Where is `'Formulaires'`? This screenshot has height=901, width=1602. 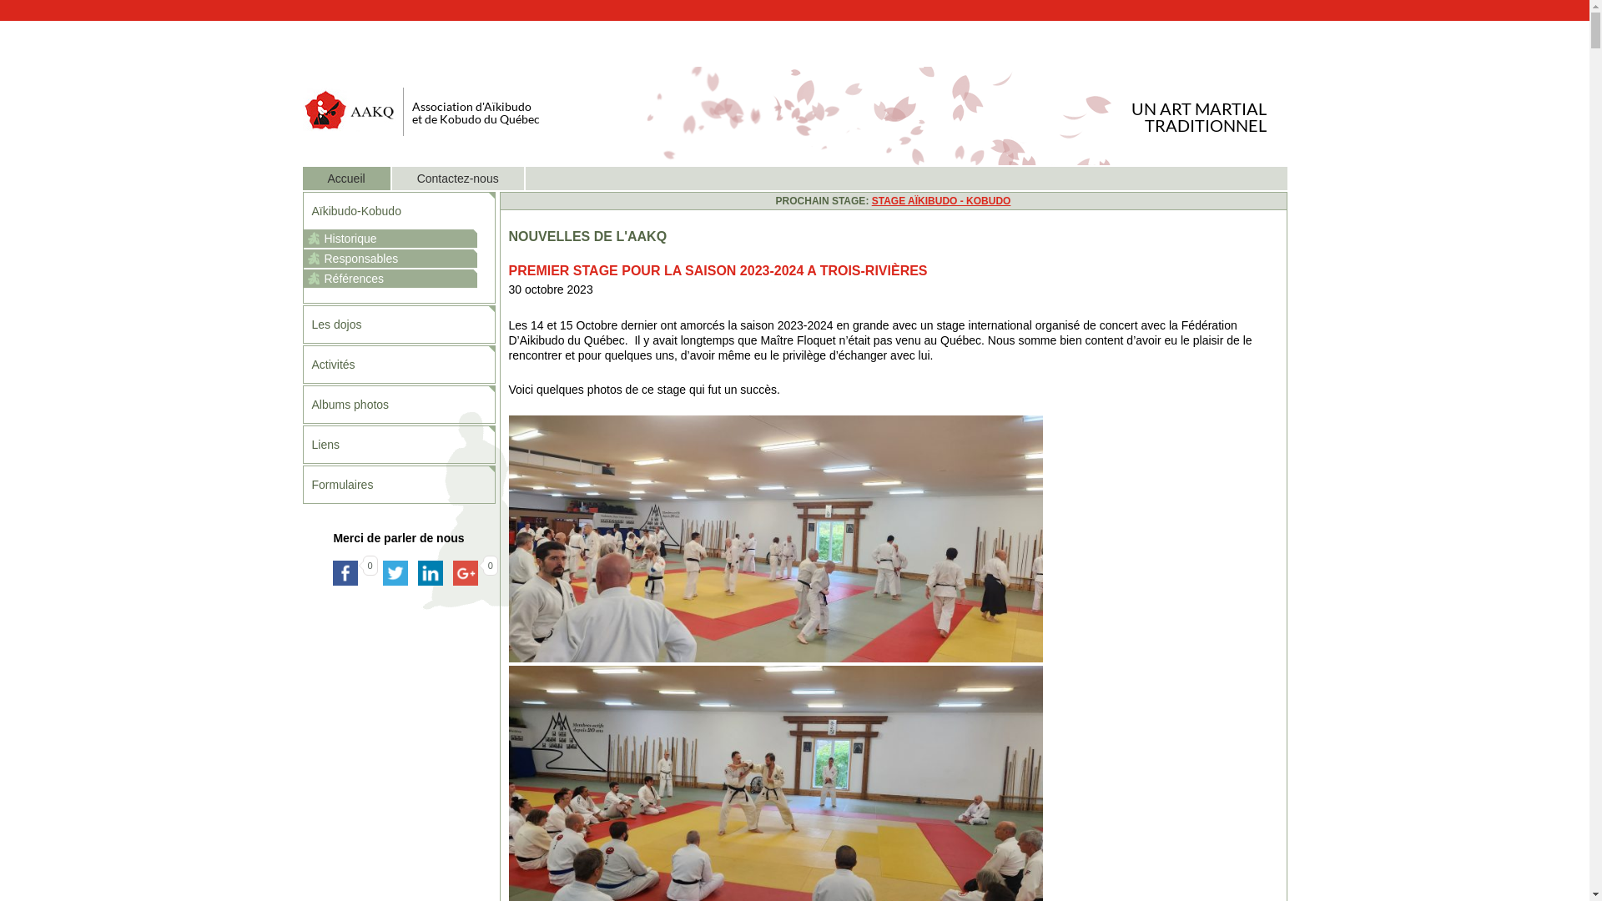
'Formulaires' is located at coordinates (398, 485).